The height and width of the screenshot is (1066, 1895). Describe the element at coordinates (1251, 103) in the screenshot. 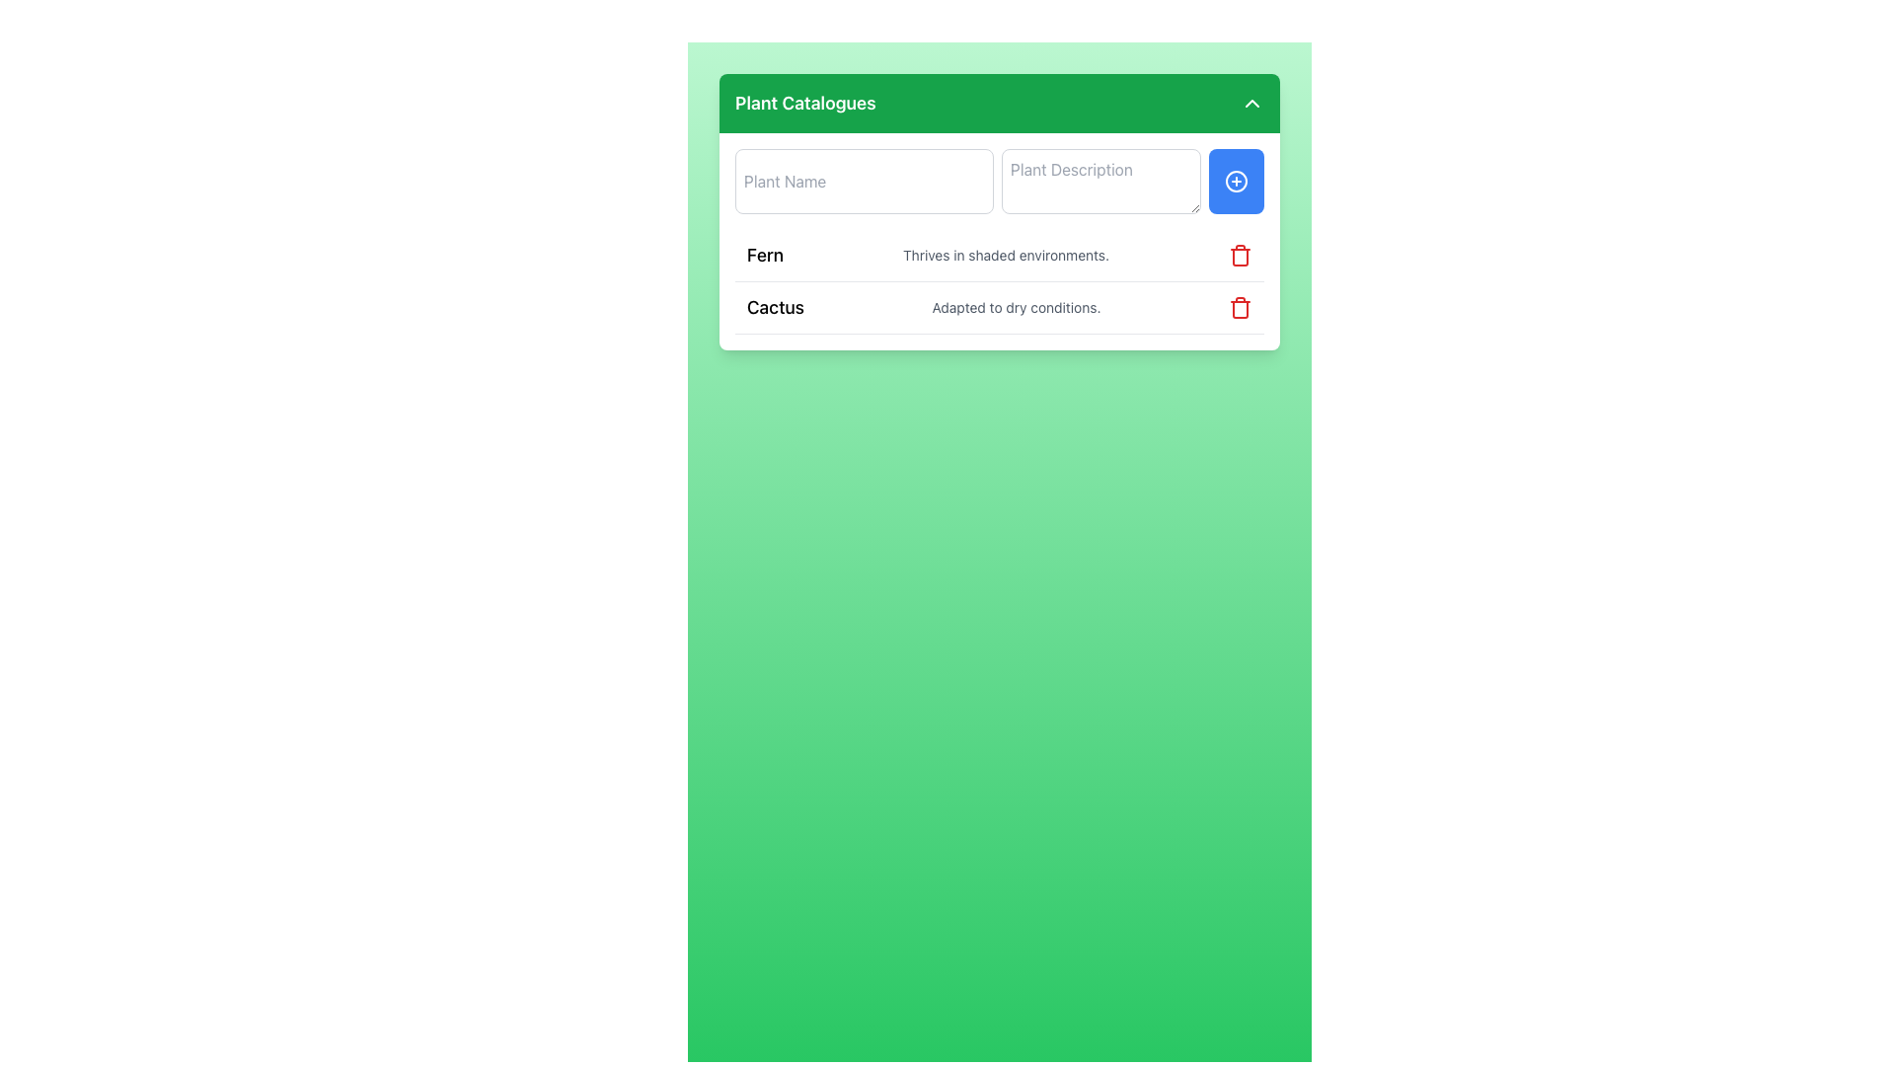

I see `the button located on the far right of the green header area` at that location.